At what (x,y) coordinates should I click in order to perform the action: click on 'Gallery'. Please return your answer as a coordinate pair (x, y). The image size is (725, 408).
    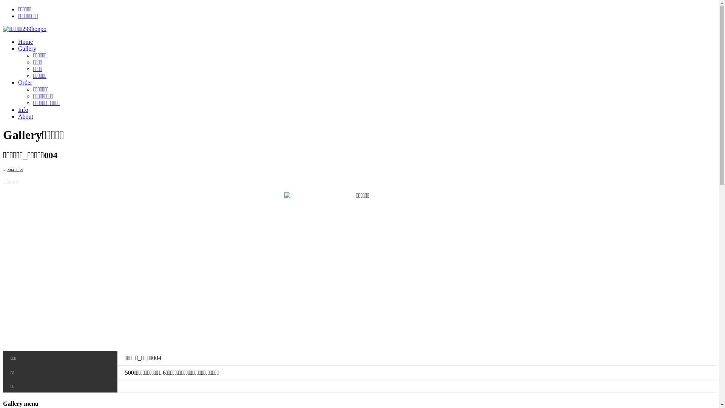
    Looking at the image, I should click on (27, 48).